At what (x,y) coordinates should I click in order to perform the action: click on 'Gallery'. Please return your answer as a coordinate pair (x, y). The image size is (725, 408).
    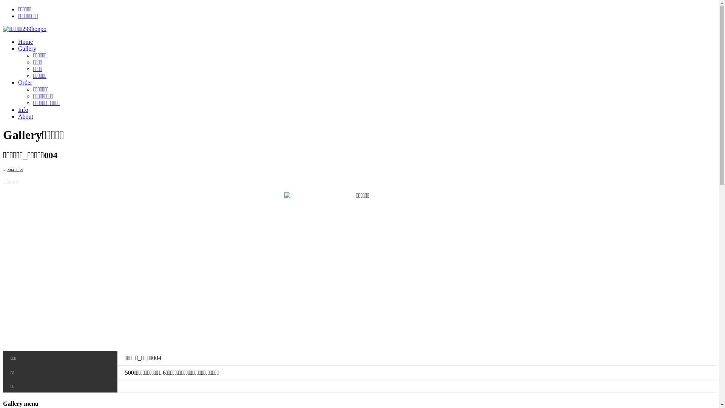
    Looking at the image, I should click on (27, 48).